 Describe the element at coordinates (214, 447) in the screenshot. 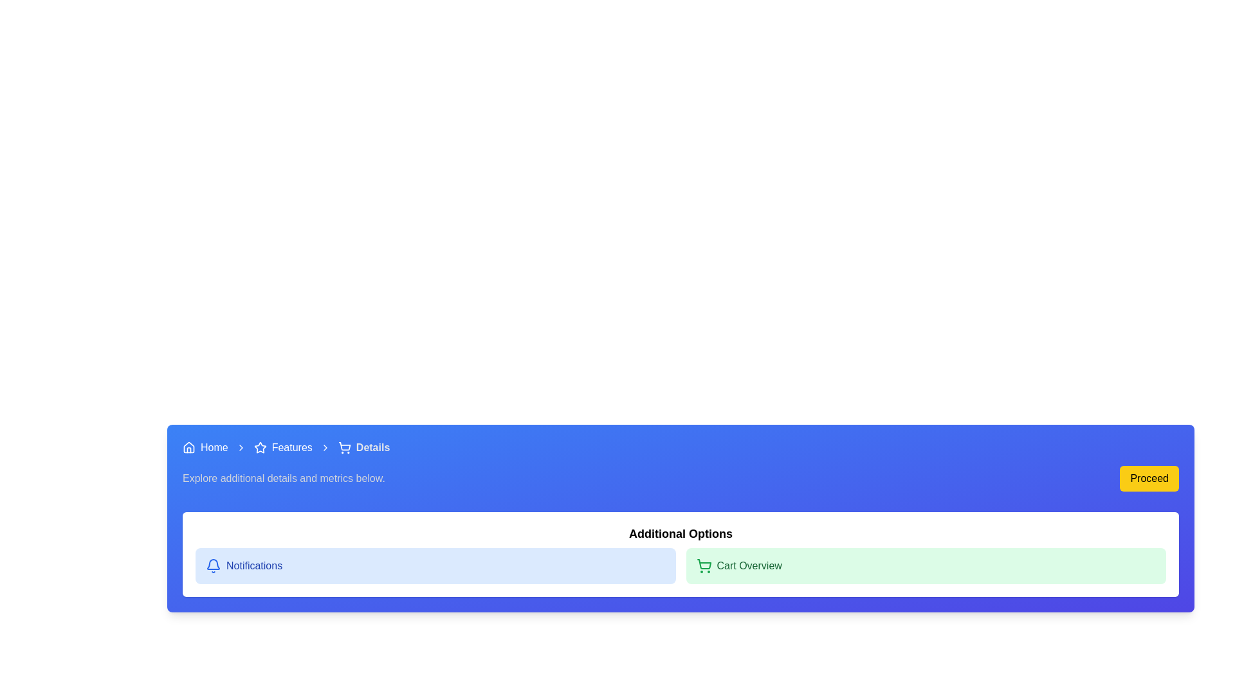

I see `the 'Home' hyperlink in the navigation bar` at that location.